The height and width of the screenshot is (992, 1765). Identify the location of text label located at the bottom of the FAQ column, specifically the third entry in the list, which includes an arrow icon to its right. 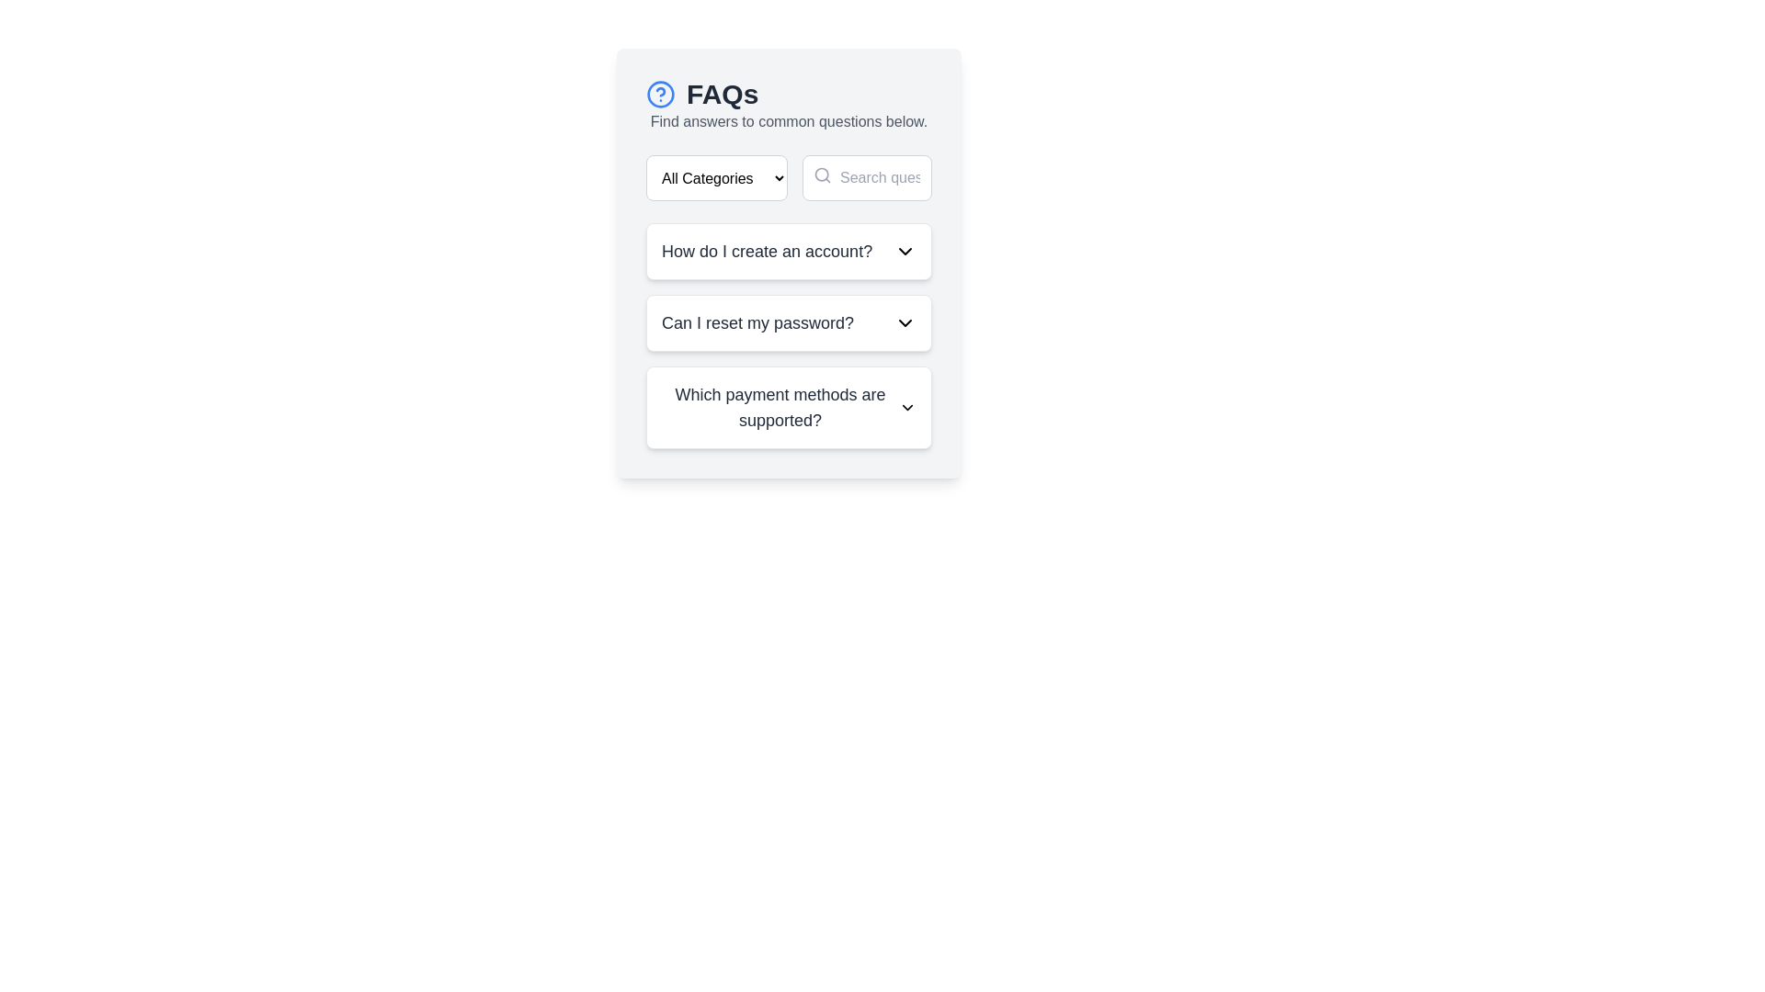
(780, 406).